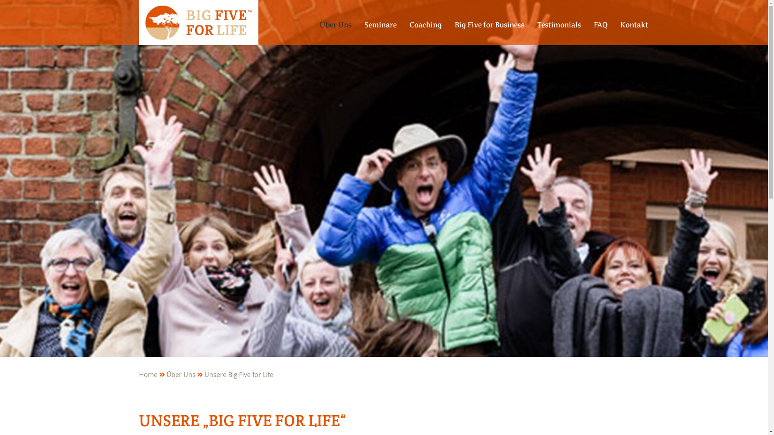 The height and width of the screenshot is (435, 774). Describe the element at coordinates (152, 374) in the screenshot. I see `'Home'` at that location.